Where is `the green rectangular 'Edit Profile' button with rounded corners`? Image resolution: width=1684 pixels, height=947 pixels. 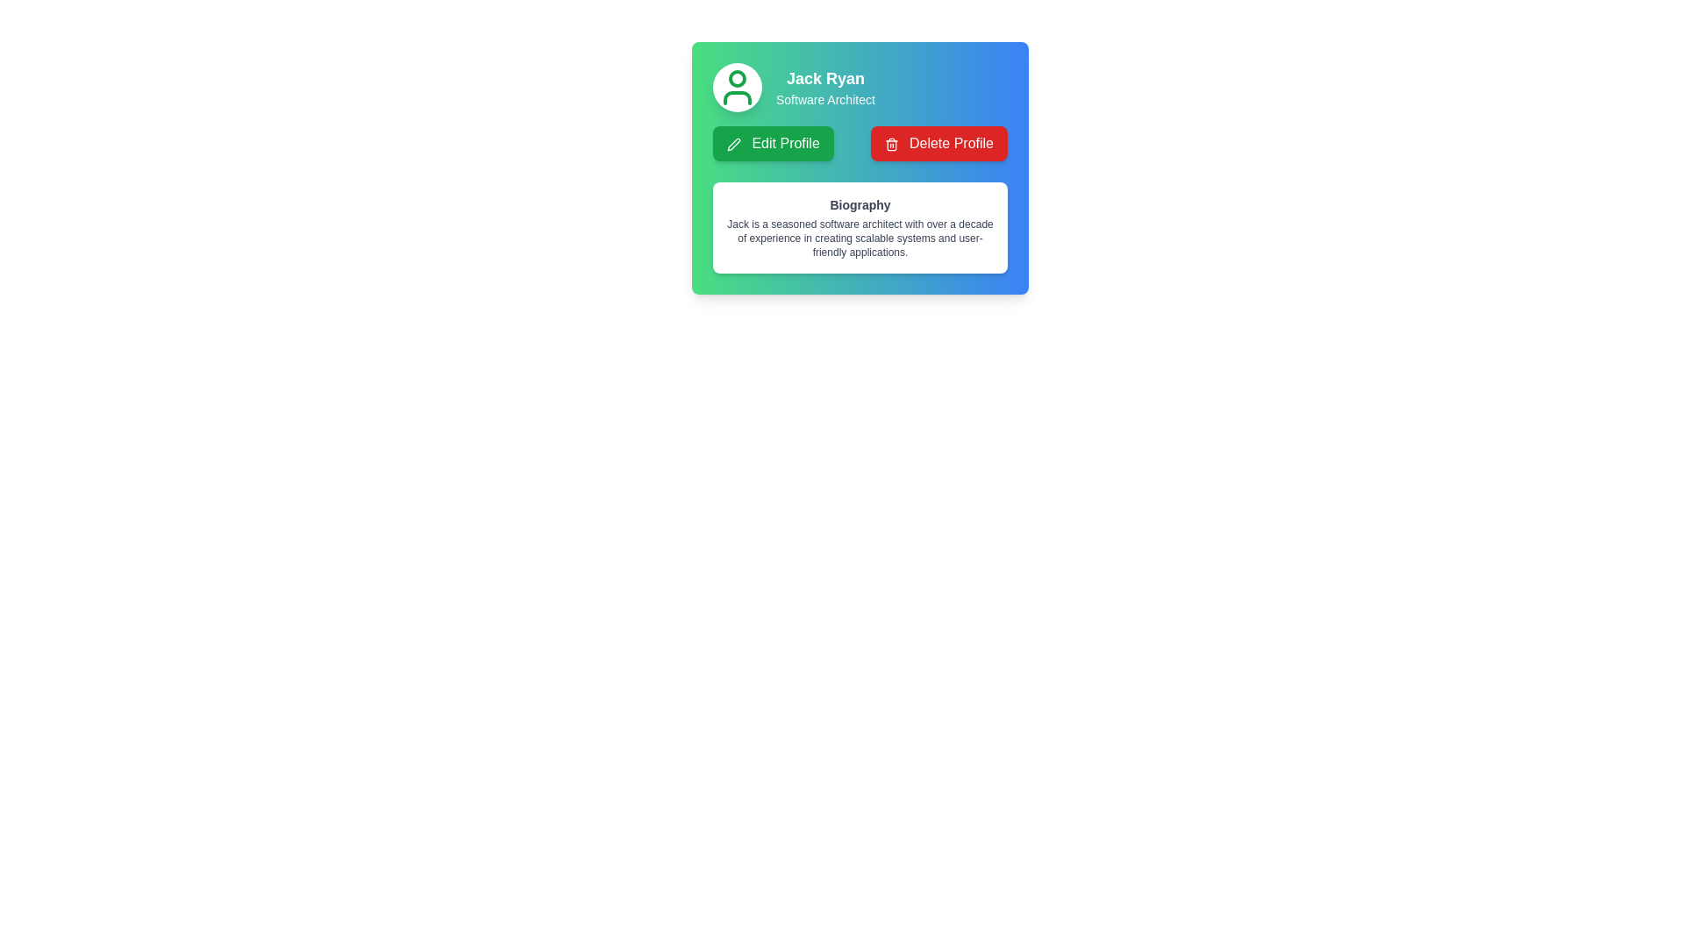 the green rectangular 'Edit Profile' button with rounded corners is located at coordinates (772, 143).